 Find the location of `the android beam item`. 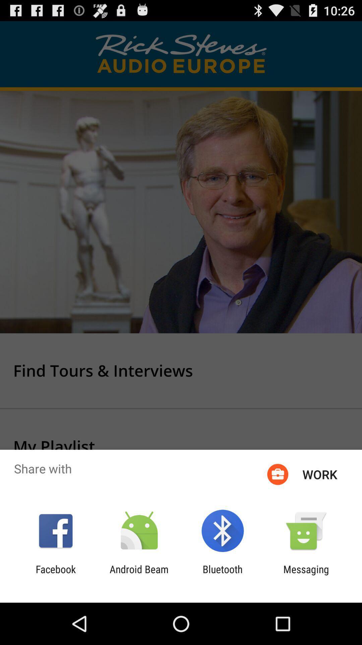

the android beam item is located at coordinates (139, 575).